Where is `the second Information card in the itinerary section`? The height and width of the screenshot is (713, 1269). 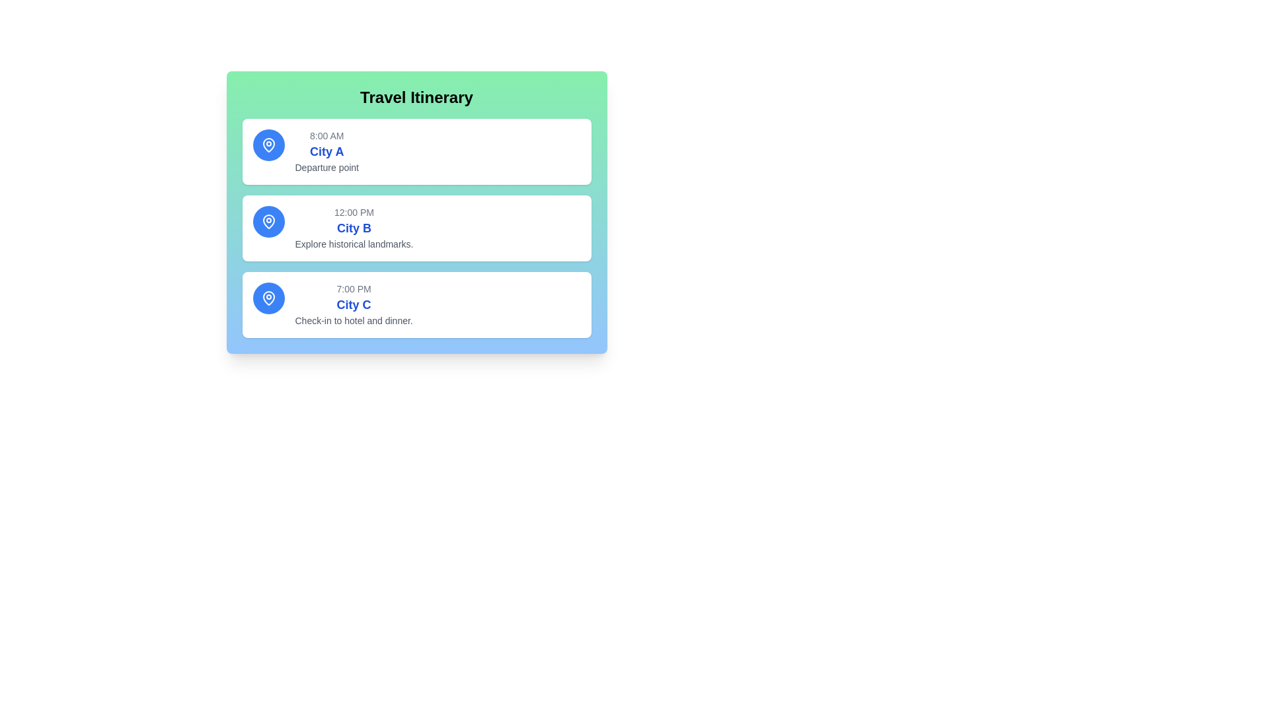 the second Information card in the itinerary section is located at coordinates (416, 228).